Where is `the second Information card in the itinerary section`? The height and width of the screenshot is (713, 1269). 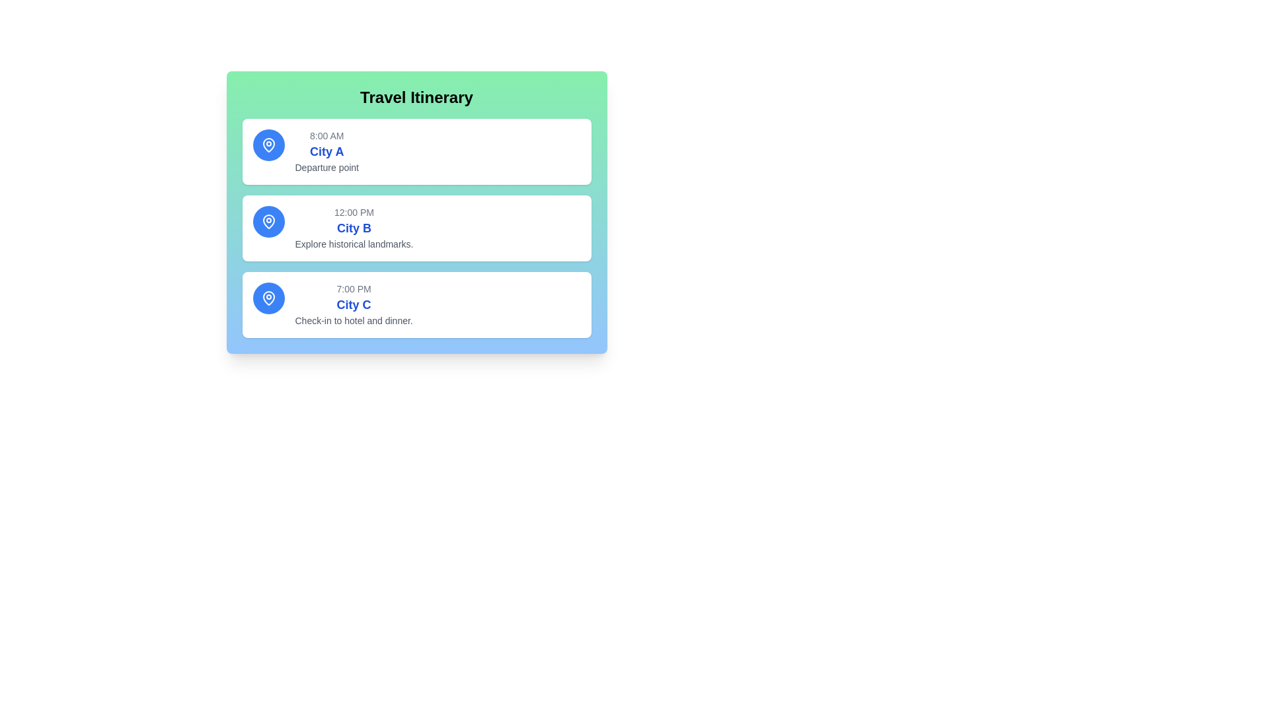 the second Information card in the itinerary section is located at coordinates (416, 228).